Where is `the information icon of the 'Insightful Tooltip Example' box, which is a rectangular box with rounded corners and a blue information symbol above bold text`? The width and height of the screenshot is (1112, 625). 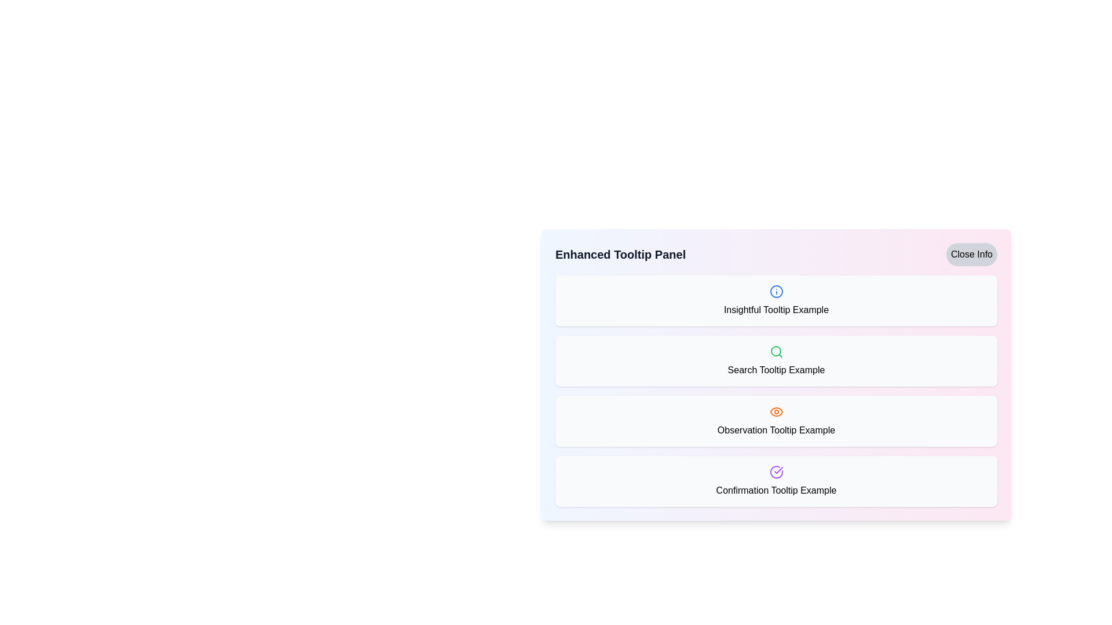
the information icon of the 'Insightful Tooltip Example' box, which is a rectangular box with rounded corners and a blue information symbol above bold text is located at coordinates (776, 300).